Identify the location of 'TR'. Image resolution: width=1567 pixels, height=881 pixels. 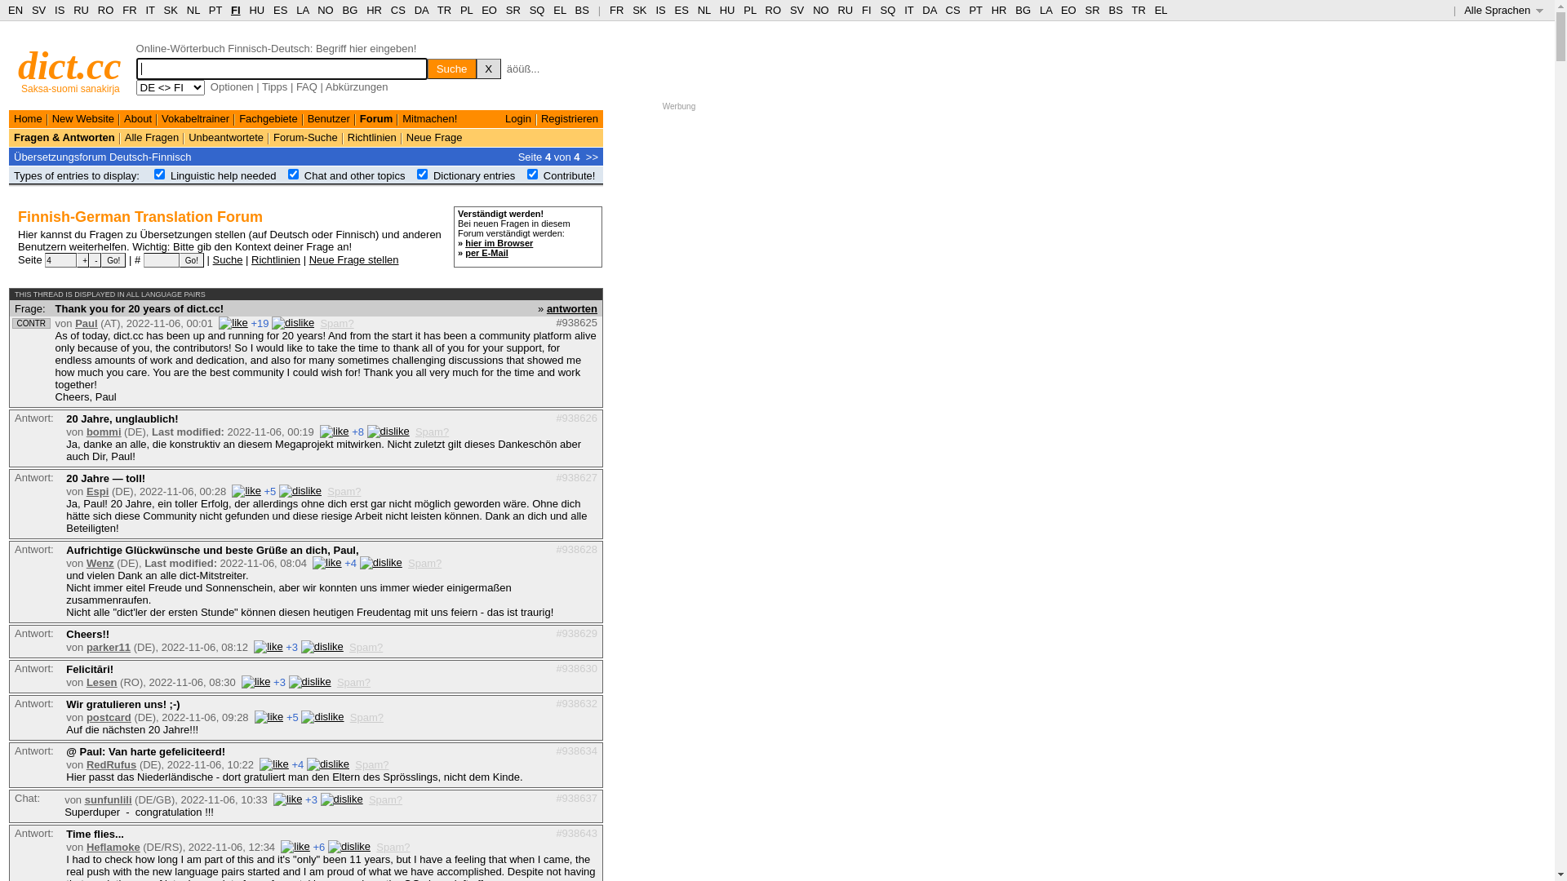
(444, 10).